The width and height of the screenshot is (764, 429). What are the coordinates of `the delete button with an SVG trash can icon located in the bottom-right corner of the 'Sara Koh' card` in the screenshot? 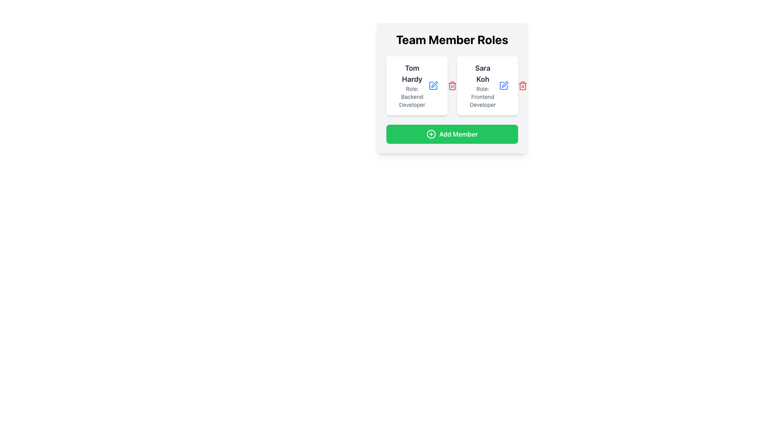 It's located at (523, 86).